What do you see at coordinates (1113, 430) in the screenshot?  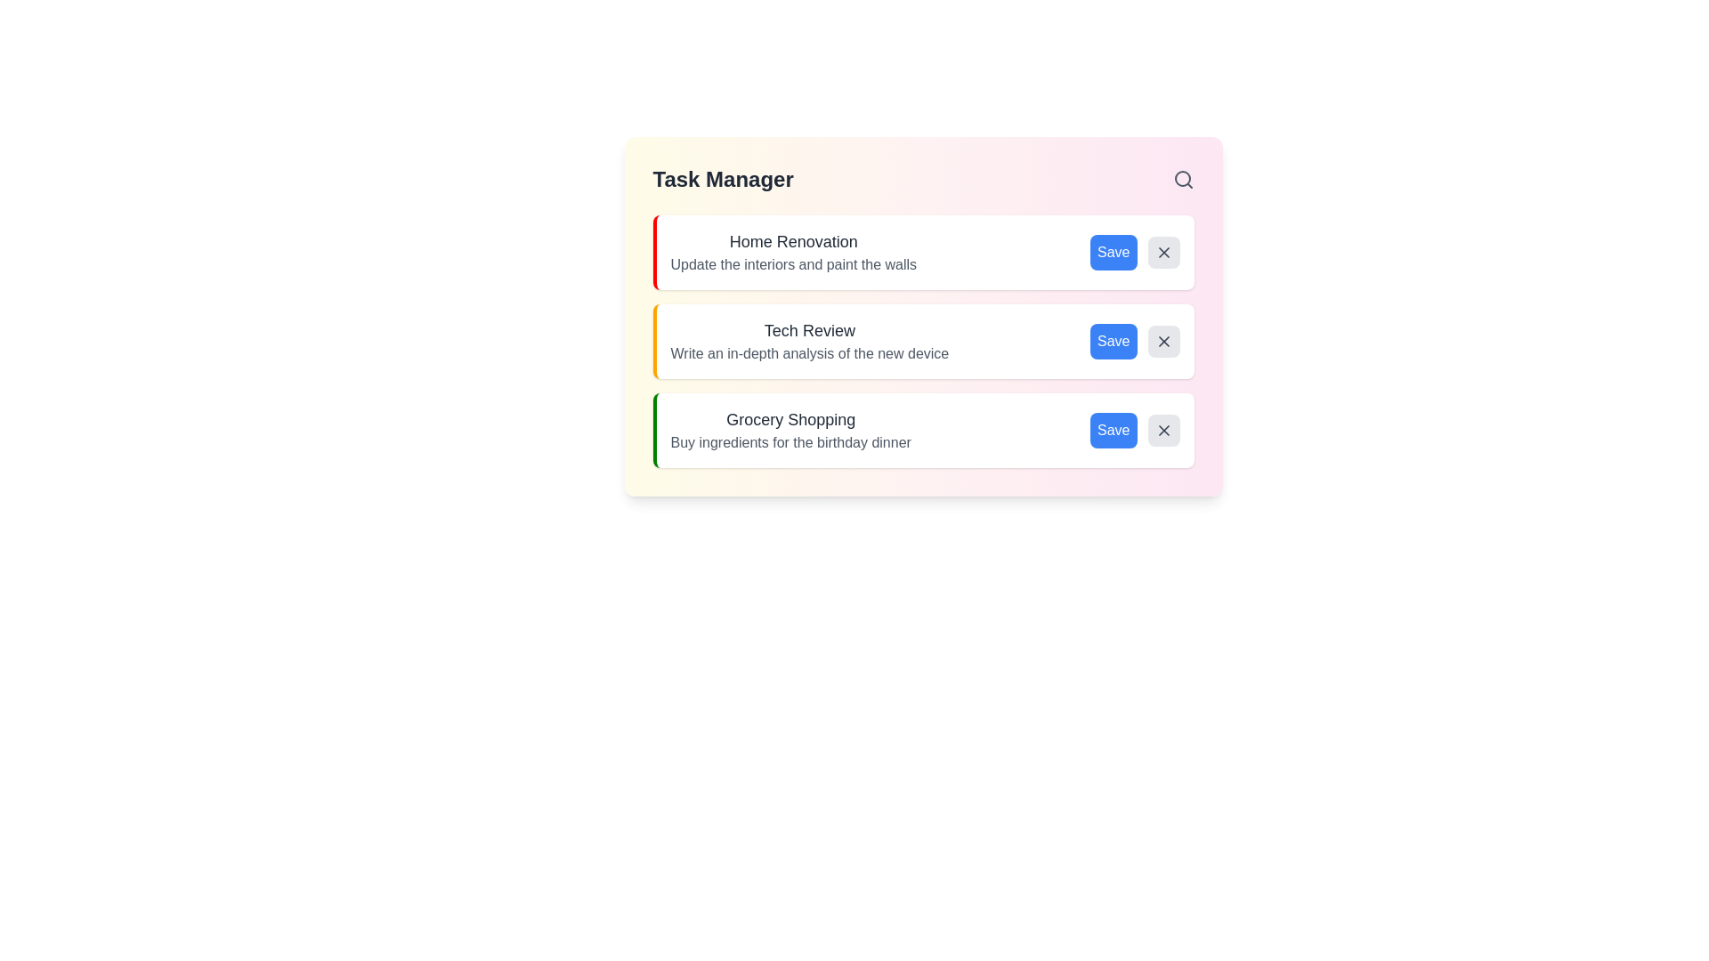 I see `the 'Save' button for the task item Grocery Shopping` at bounding box center [1113, 430].